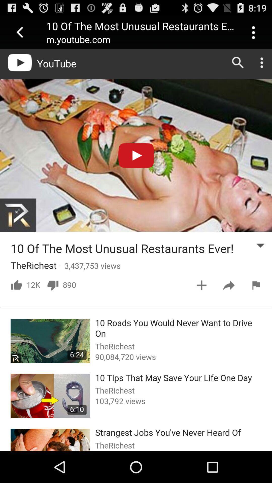  Describe the element at coordinates (136, 250) in the screenshot. I see `color print` at that location.